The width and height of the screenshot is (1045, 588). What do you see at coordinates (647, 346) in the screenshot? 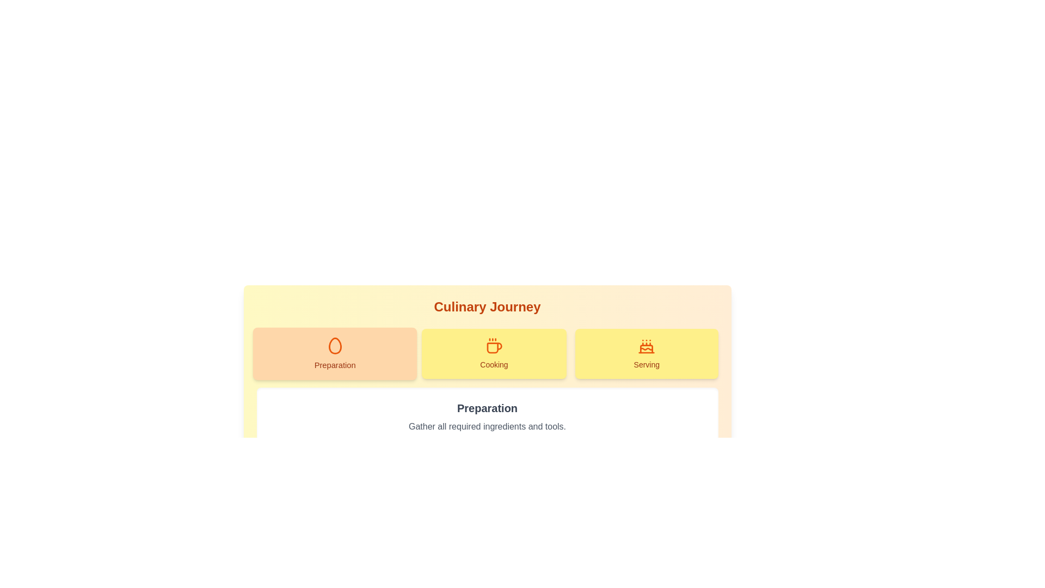
I see `the decorative cake icon, which is styled in orange and located on a yellow background, positioned as the leftmost graphical element inside the 'Serving' card` at bounding box center [647, 346].